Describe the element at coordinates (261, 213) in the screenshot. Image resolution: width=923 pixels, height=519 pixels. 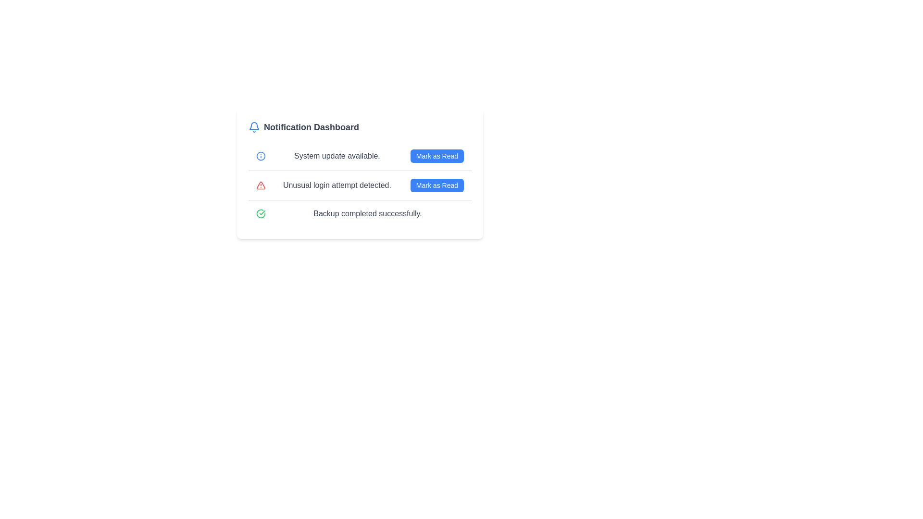
I see `the green circle SVG graphic indicating success in the 'Backup completed successfully.' notification row` at that location.